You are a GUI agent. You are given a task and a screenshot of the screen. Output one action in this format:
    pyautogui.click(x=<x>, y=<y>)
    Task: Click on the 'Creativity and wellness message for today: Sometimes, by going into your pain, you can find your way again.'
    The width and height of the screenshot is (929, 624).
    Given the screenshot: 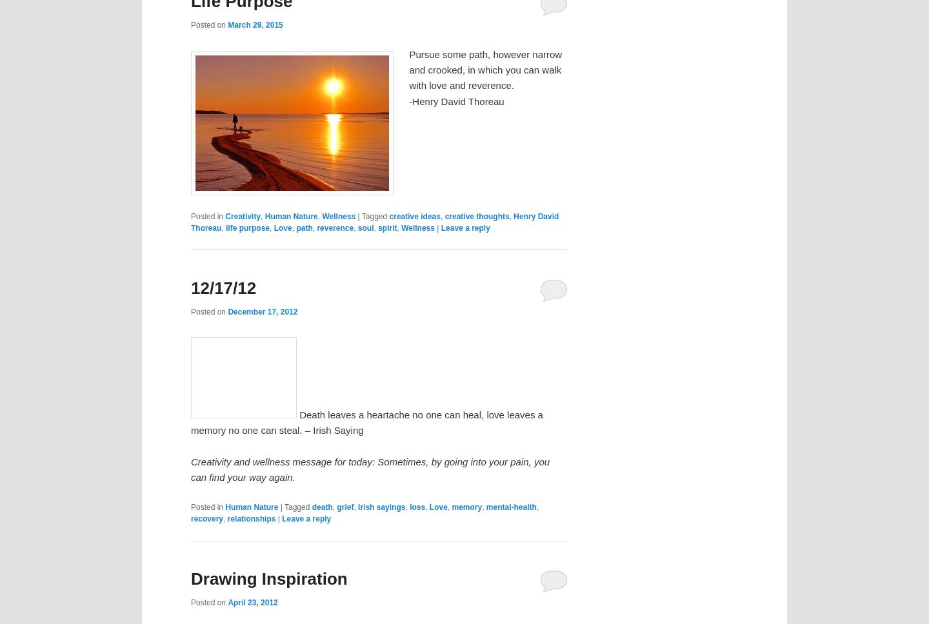 What is the action you would take?
    pyautogui.click(x=370, y=469)
    